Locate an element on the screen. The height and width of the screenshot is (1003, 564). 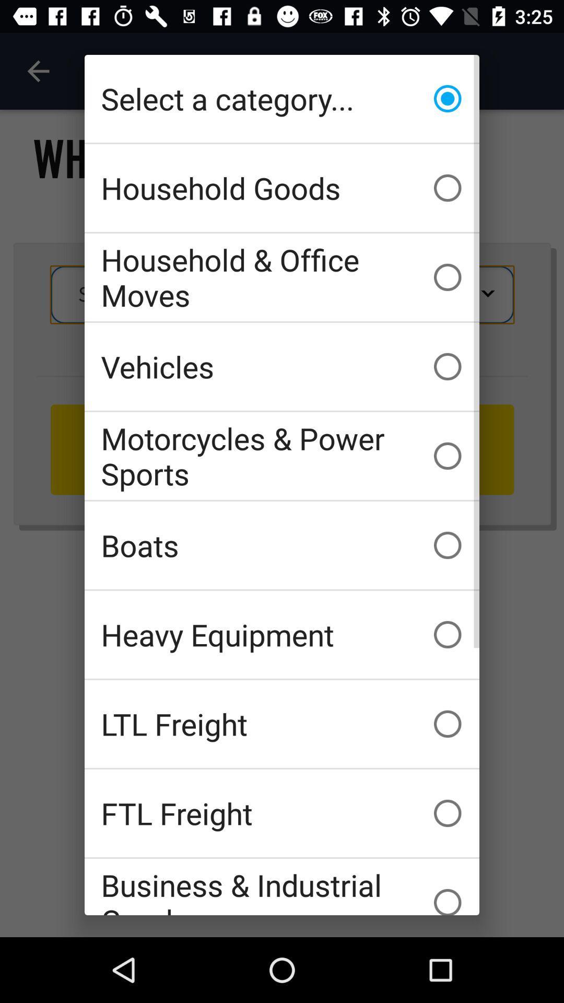
icon below select a category... item is located at coordinates (282, 188).